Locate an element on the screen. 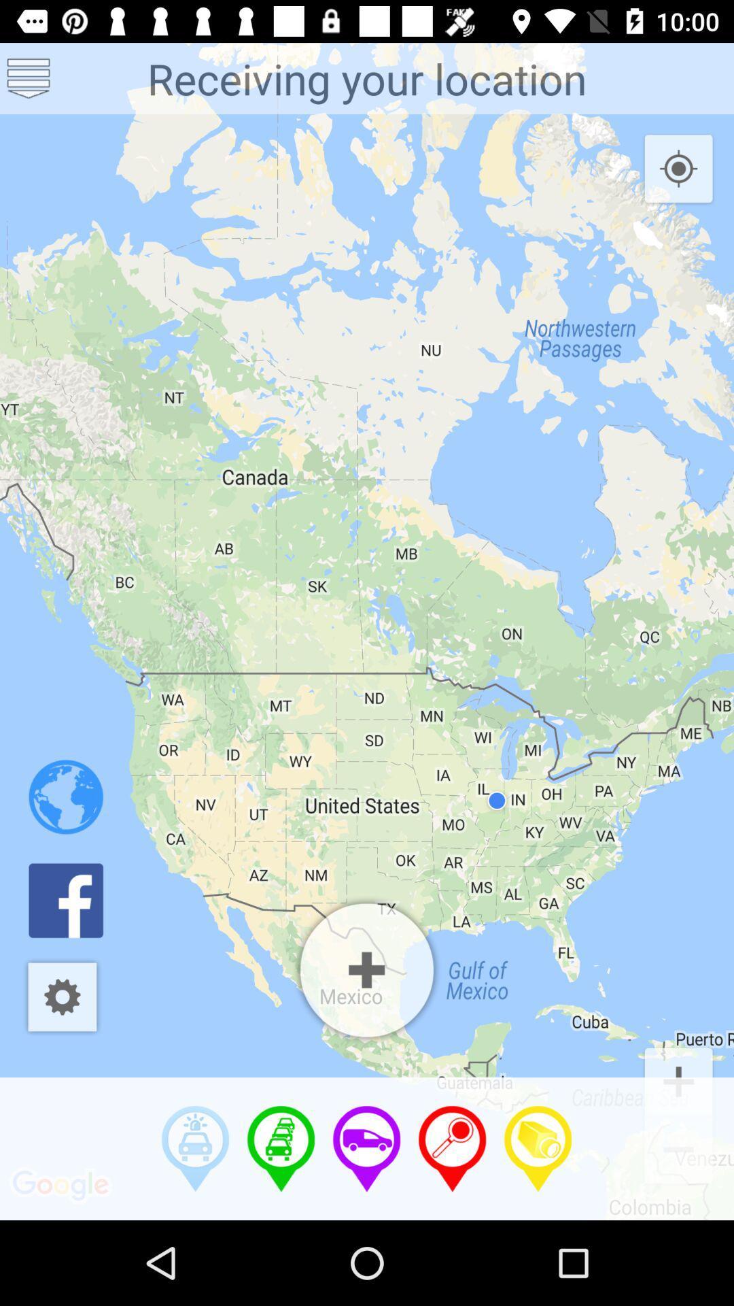  the location_crosshair icon is located at coordinates (678, 169).